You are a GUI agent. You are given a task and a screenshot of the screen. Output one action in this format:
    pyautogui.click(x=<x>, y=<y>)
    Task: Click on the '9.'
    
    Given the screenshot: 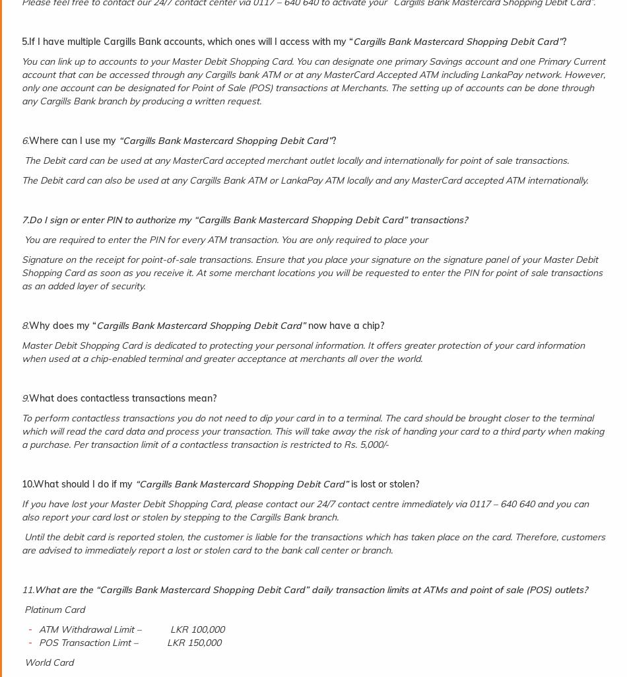 What is the action you would take?
    pyautogui.click(x=25, y=398)
    